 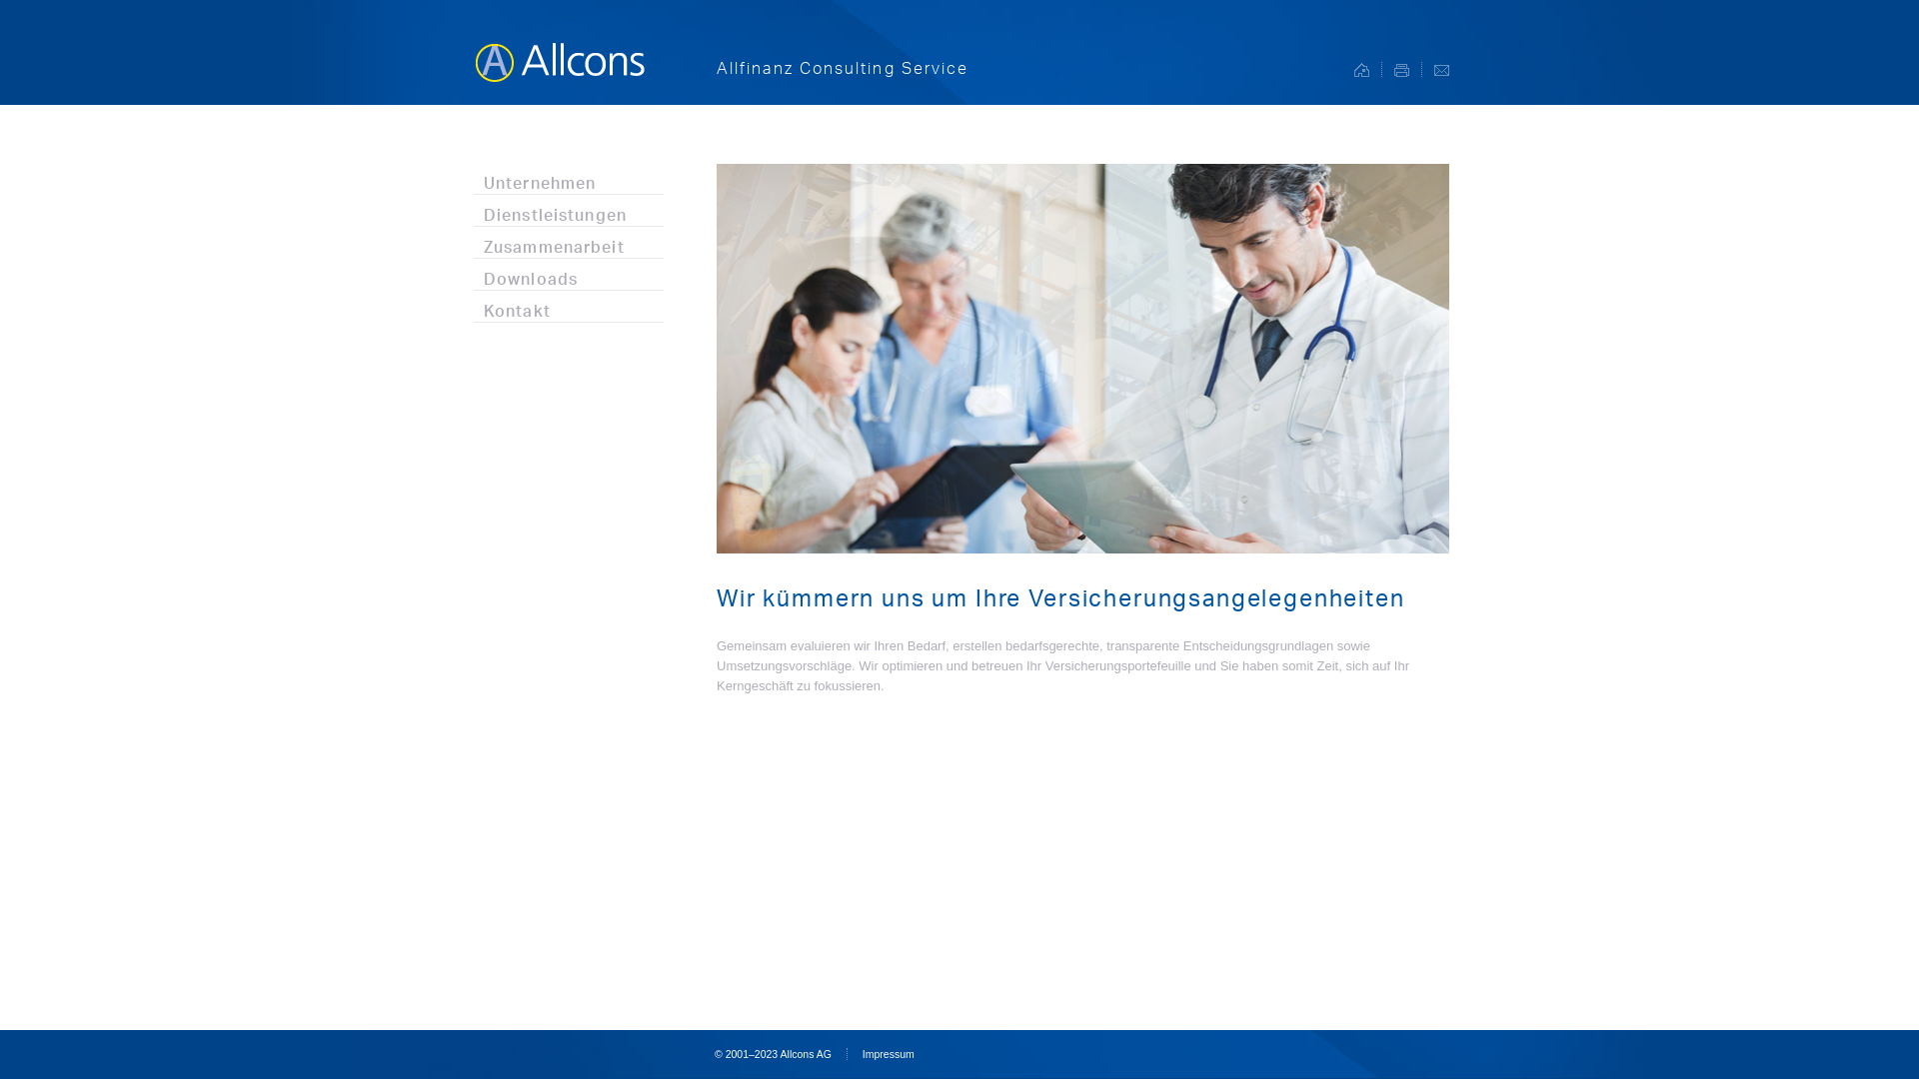 What do you see at coordinates (568, 177) in the screenshot?
I see `'Unternehmen'` at bounding box center [568, 177].